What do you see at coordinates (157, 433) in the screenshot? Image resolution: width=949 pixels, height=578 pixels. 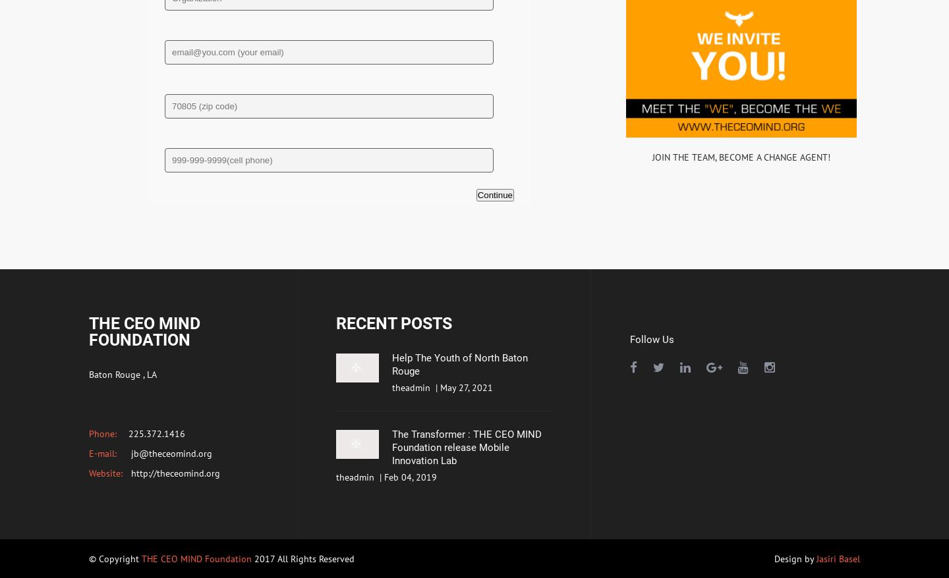 I see `'225.372.1416'` at bounding box center [157, 433].